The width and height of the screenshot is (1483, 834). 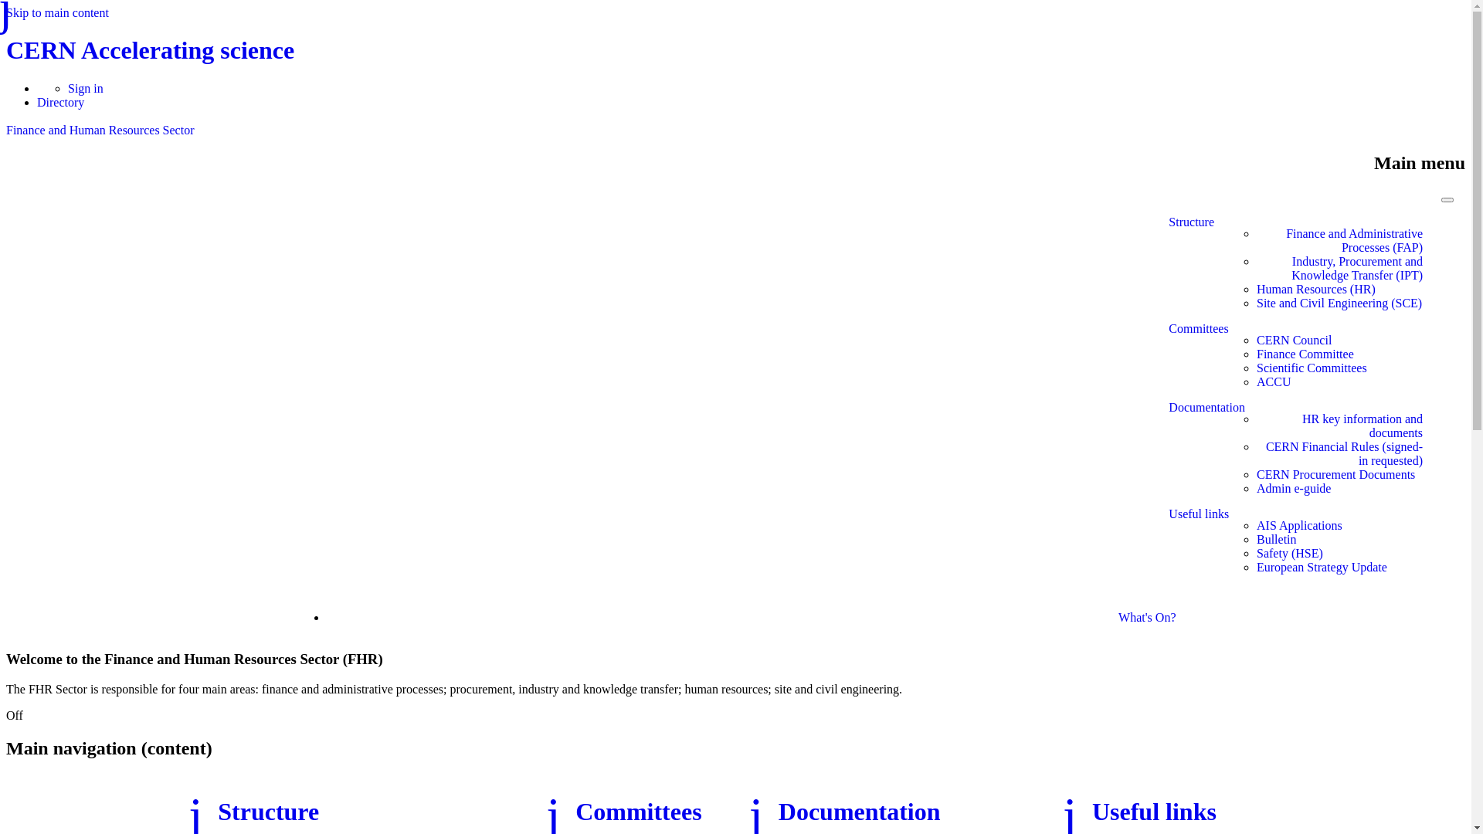 What do you see at coordinates (57, 12) in the screenshot?
I see `'Skip to main content'` at bounding box center [57, 12].